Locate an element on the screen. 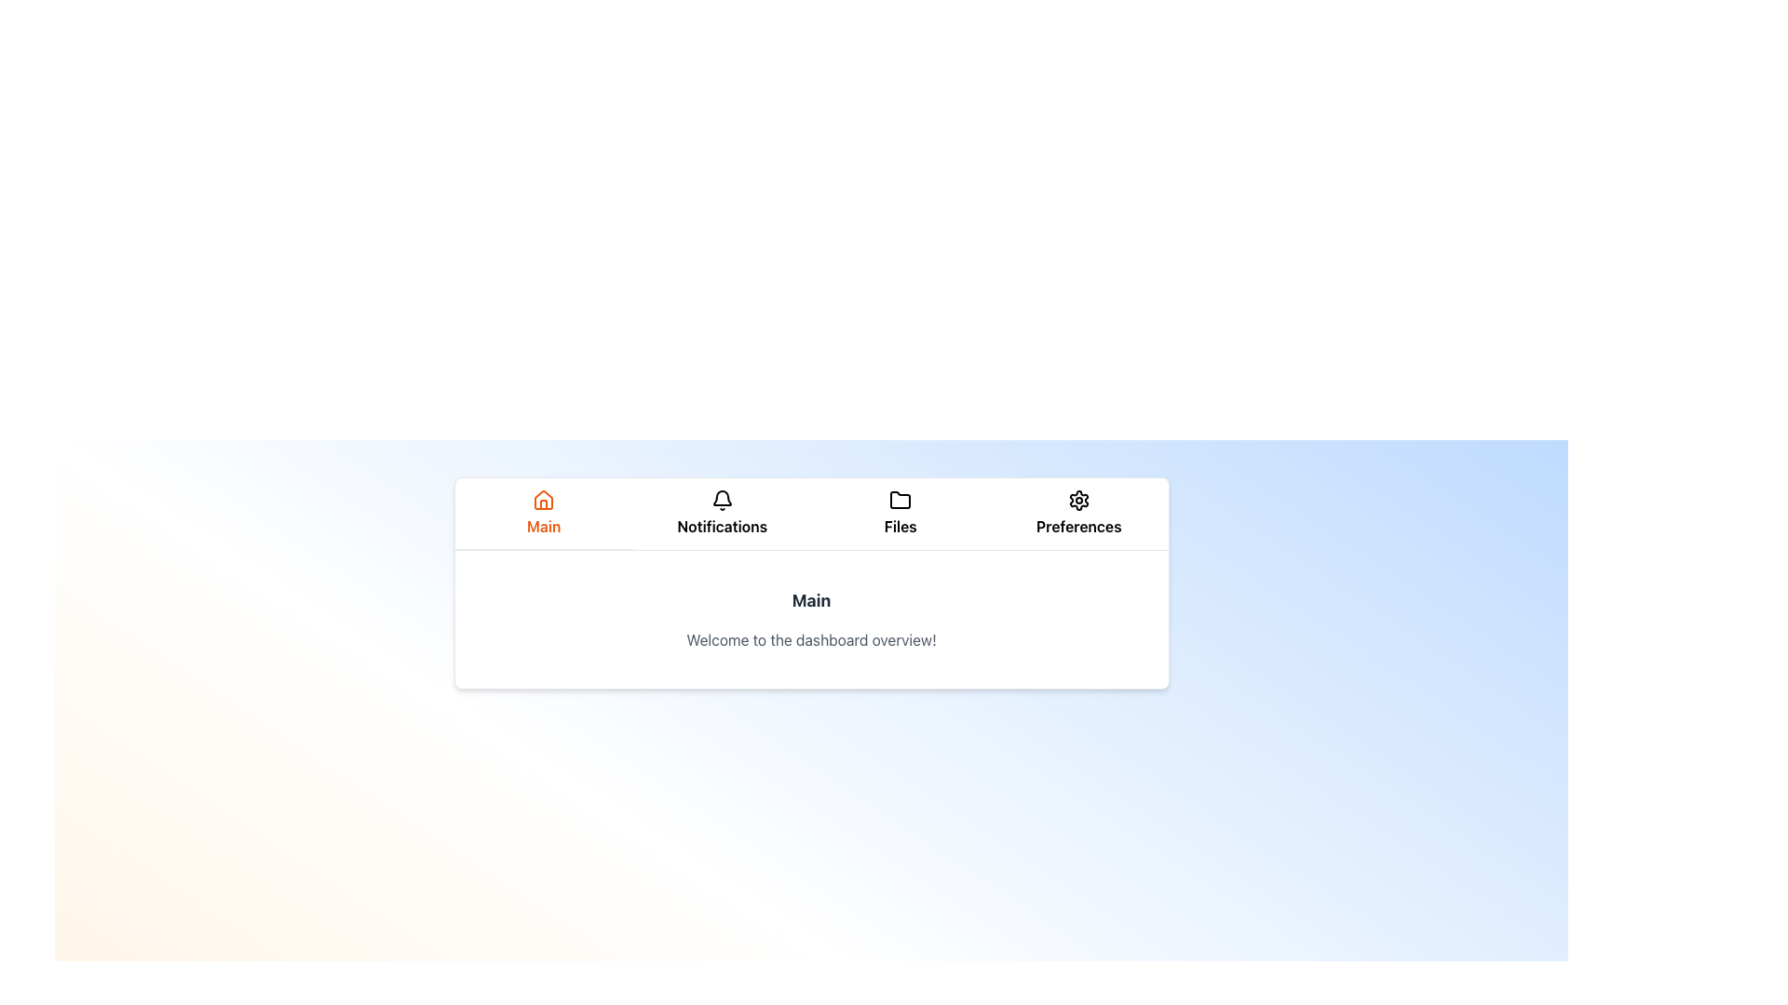 The width and height of the screenshot is (1788, 1005). the 'Main' icon in the navigation bar is located at coordinates (543, 499).